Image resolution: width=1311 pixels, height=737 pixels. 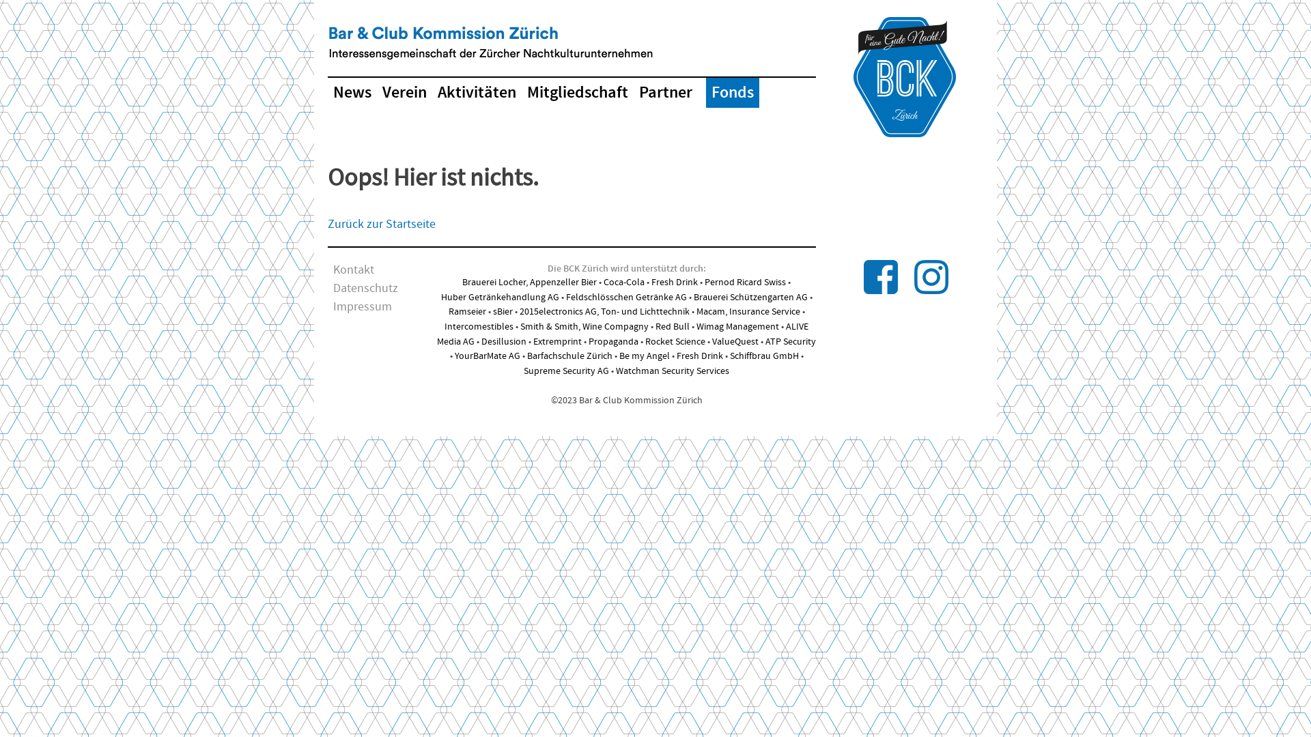 What do you see at coordinates (326, 13) in the screenshot?
I see `'Skip to content'` at bounding box center [326, 13].